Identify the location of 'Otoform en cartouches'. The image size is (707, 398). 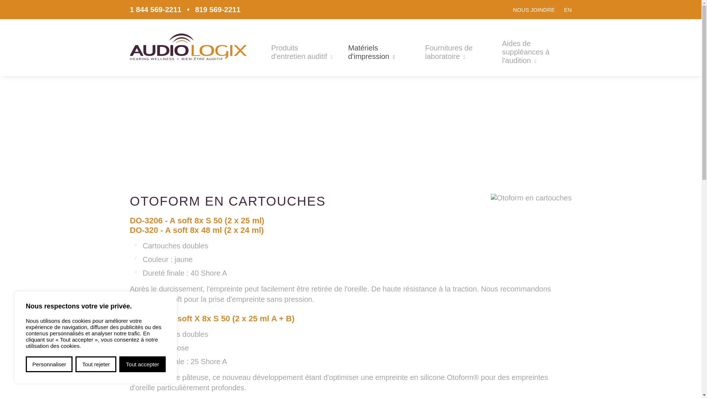
(531, 197).